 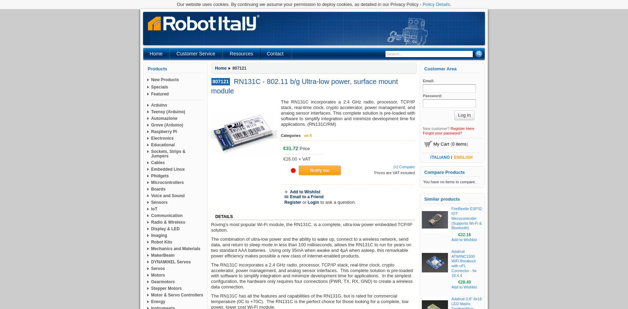 I want to click on 'Roving's most popular Wi-Fi module, the RN131C, is a complete, ultra-low power embedded TCP/IP solution.', so click(x=311, y=227).